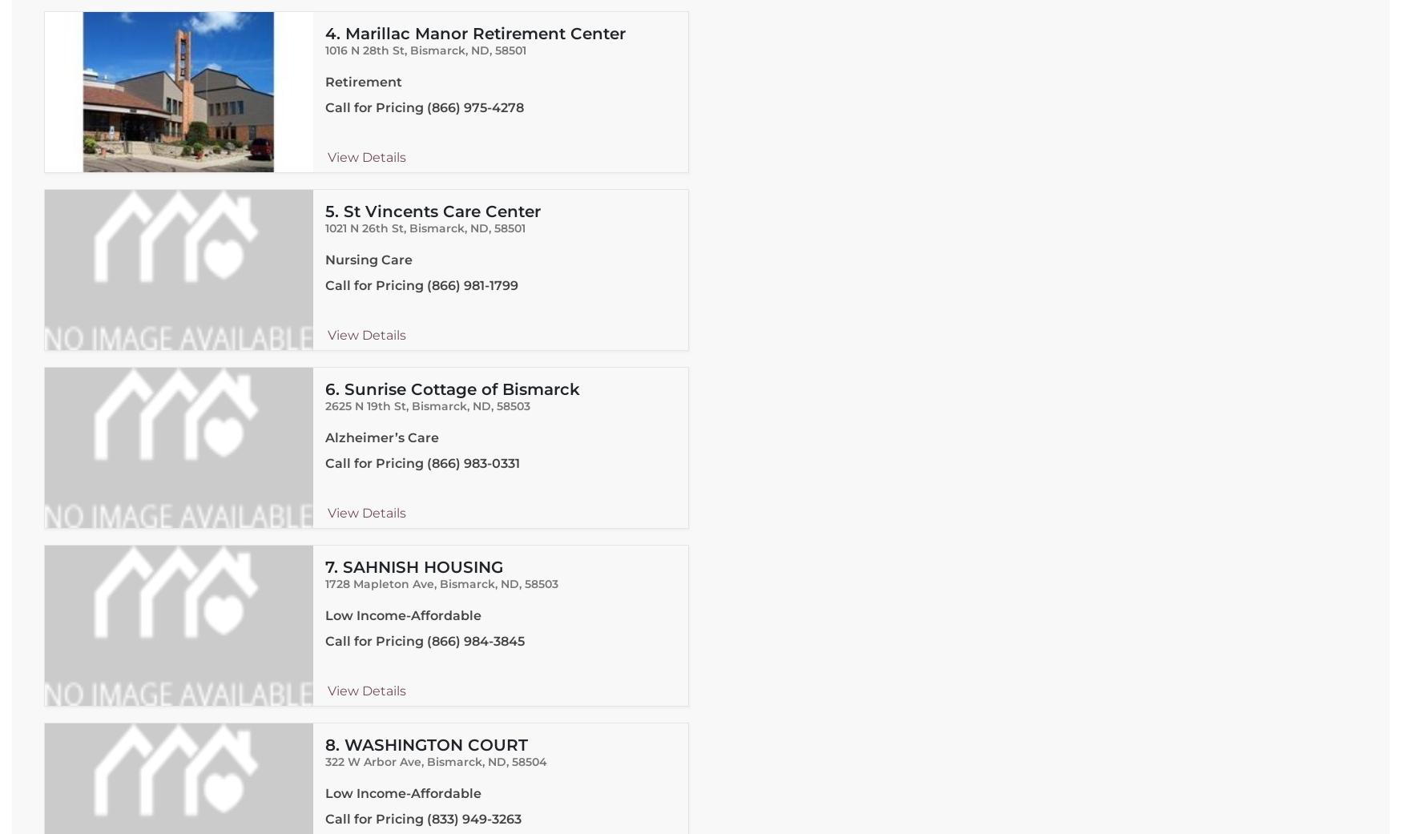 This screenshot has height=834, width=1402. I want to click on '1016 N 28th St', so click(364, 49).